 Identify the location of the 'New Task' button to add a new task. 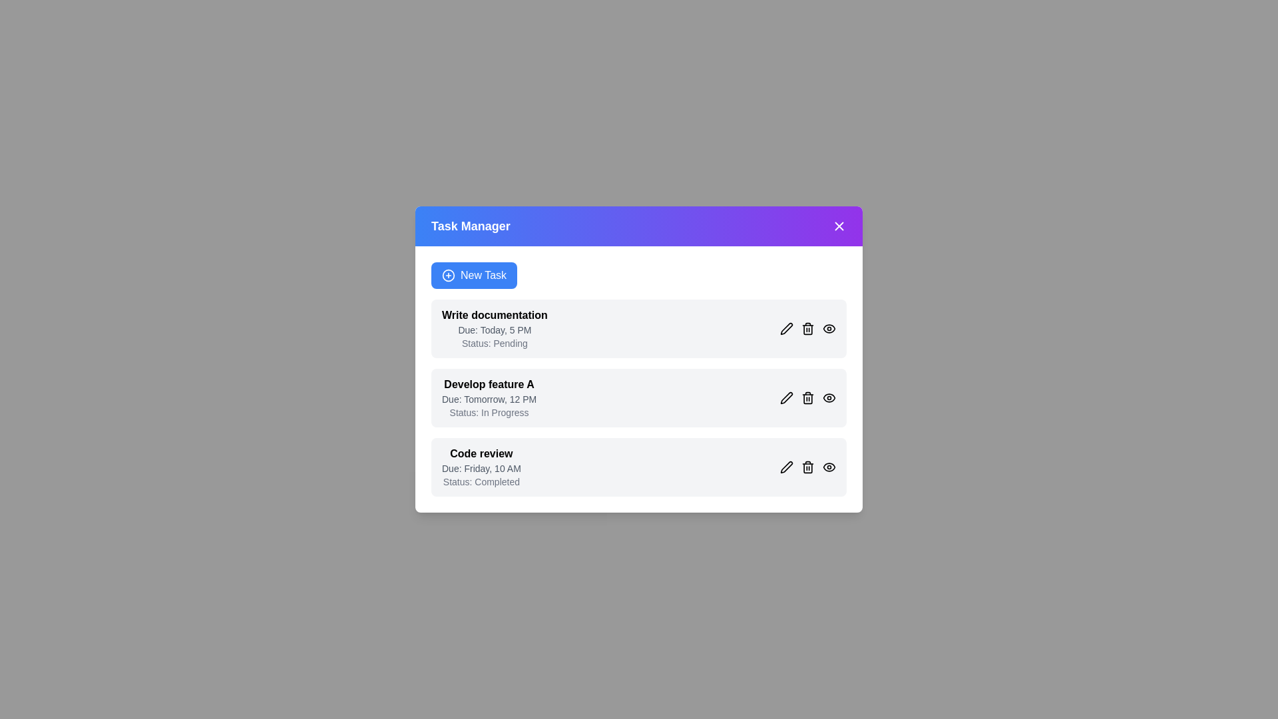
(474, 274).